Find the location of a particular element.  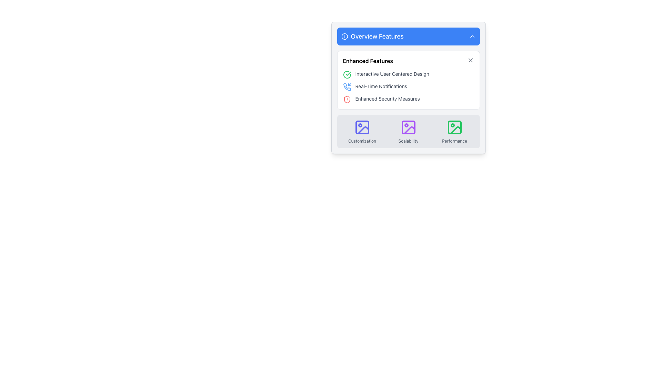

the shield icon with a red alert indication, located to the left of the text 'Enhanced Security Measures' in the 'Enhanced Features' section is located at coordinates (347, 100).